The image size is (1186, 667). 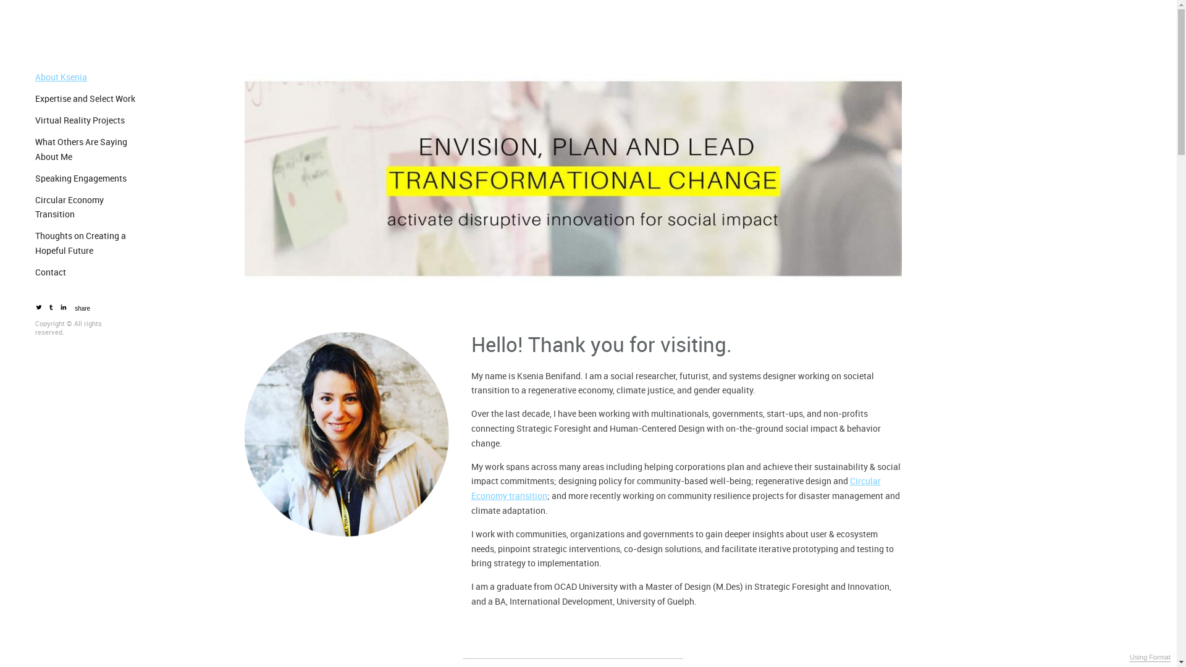 What do you see at coordinates (52, 272) in the screenshot?
I see `'Contact'` at bounding box center [52, 272].